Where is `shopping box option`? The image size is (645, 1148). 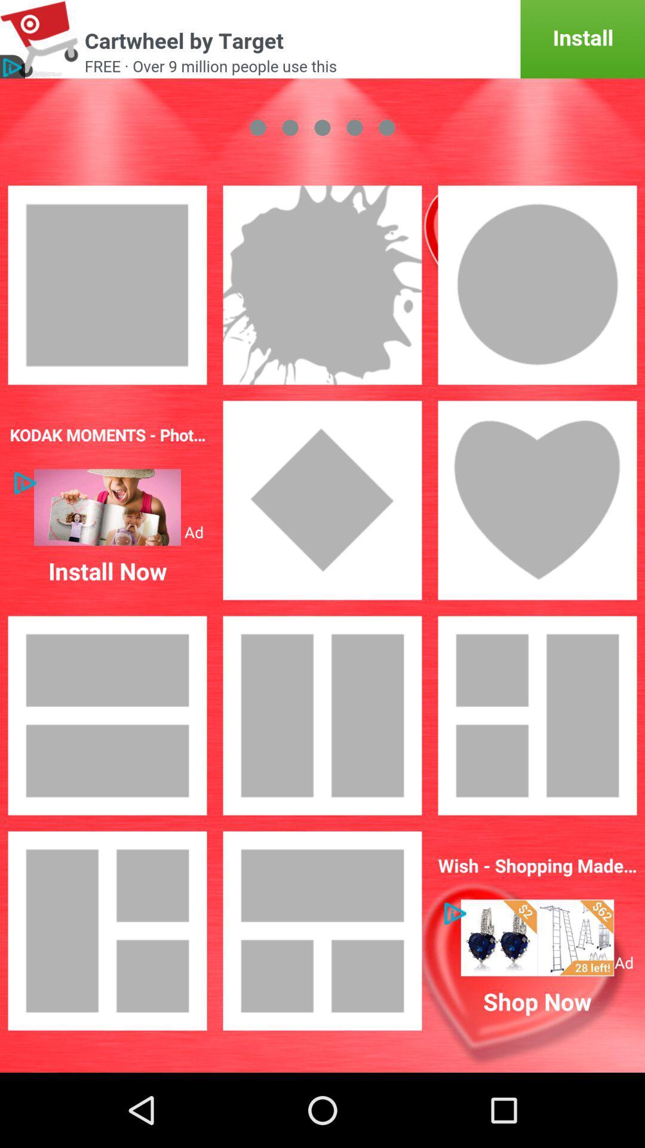
shopping box option is located at coordinates (536, 937).